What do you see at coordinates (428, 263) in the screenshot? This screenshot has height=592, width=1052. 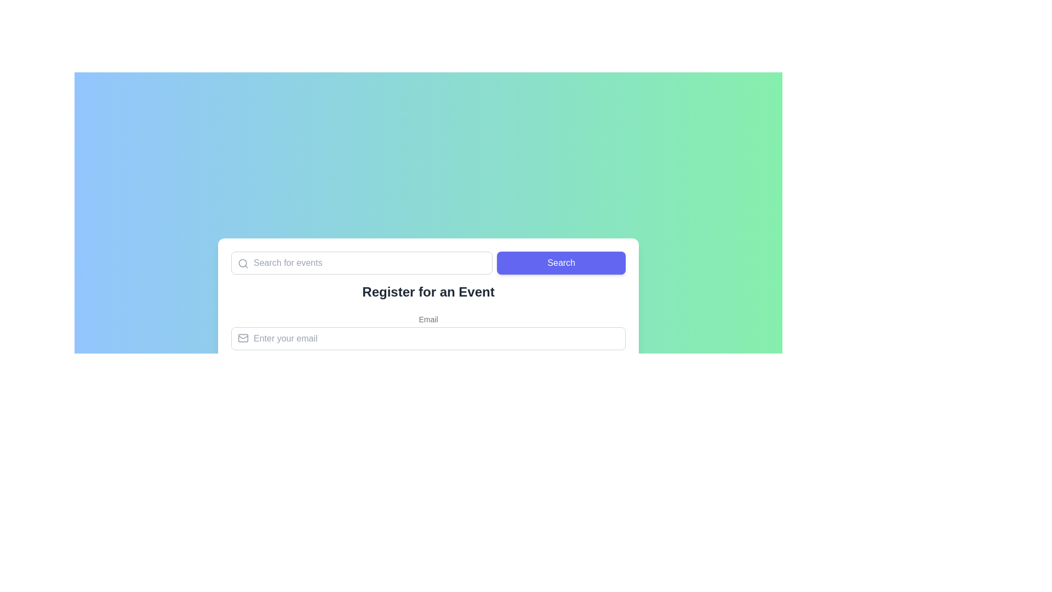 I see `the button of the combined input field and button group located near the top of the white panel` at bounding box center [428, 263].